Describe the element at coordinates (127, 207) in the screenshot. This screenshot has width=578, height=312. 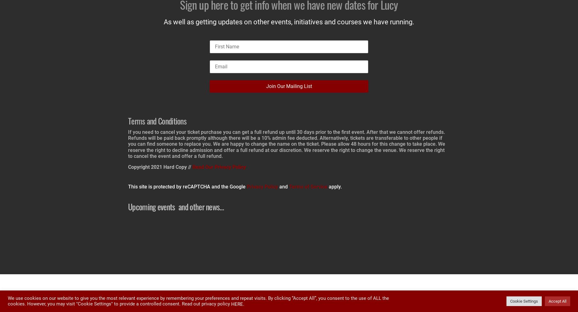
I see `'Upcoming events  and other news…'` at that location.